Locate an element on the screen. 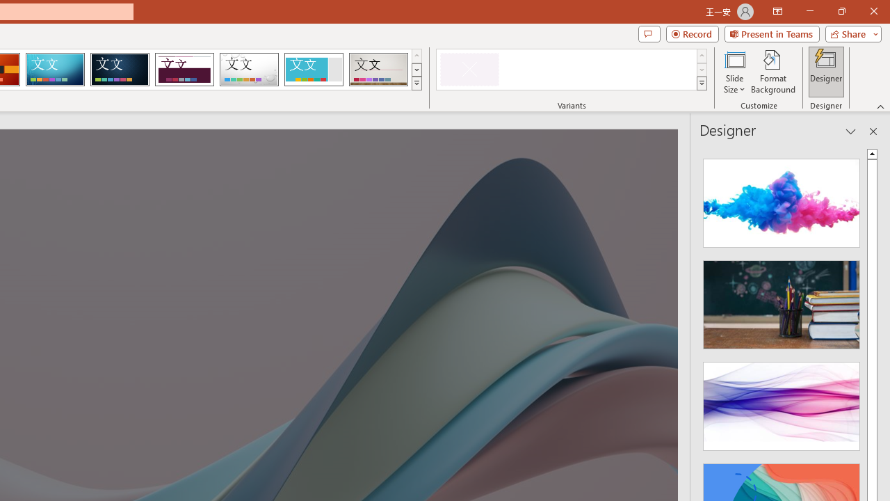 The width and height of the screenshot is (890, 501). 'Damask' is located at coordinates (120, 70).